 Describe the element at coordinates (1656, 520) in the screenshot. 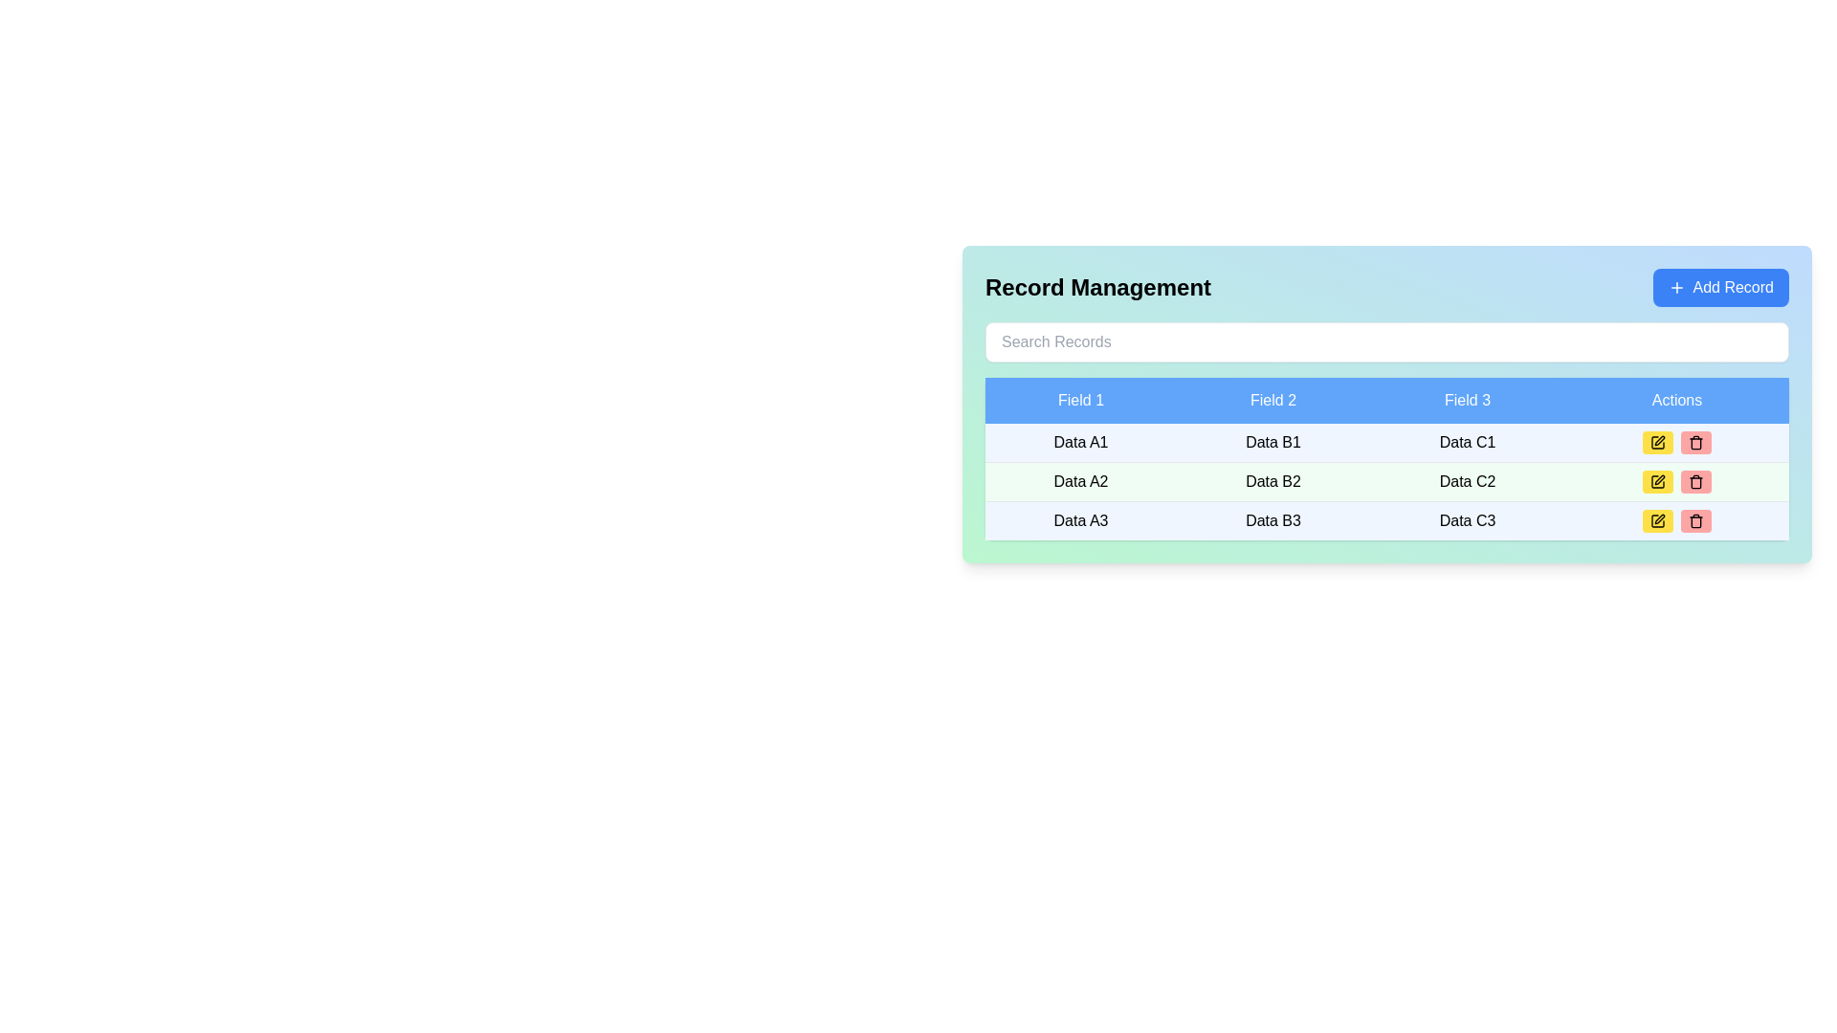

I see `the edit icon styled as a pen within the yellow button located in the 'Actions' column of the last row of the table` at that location.